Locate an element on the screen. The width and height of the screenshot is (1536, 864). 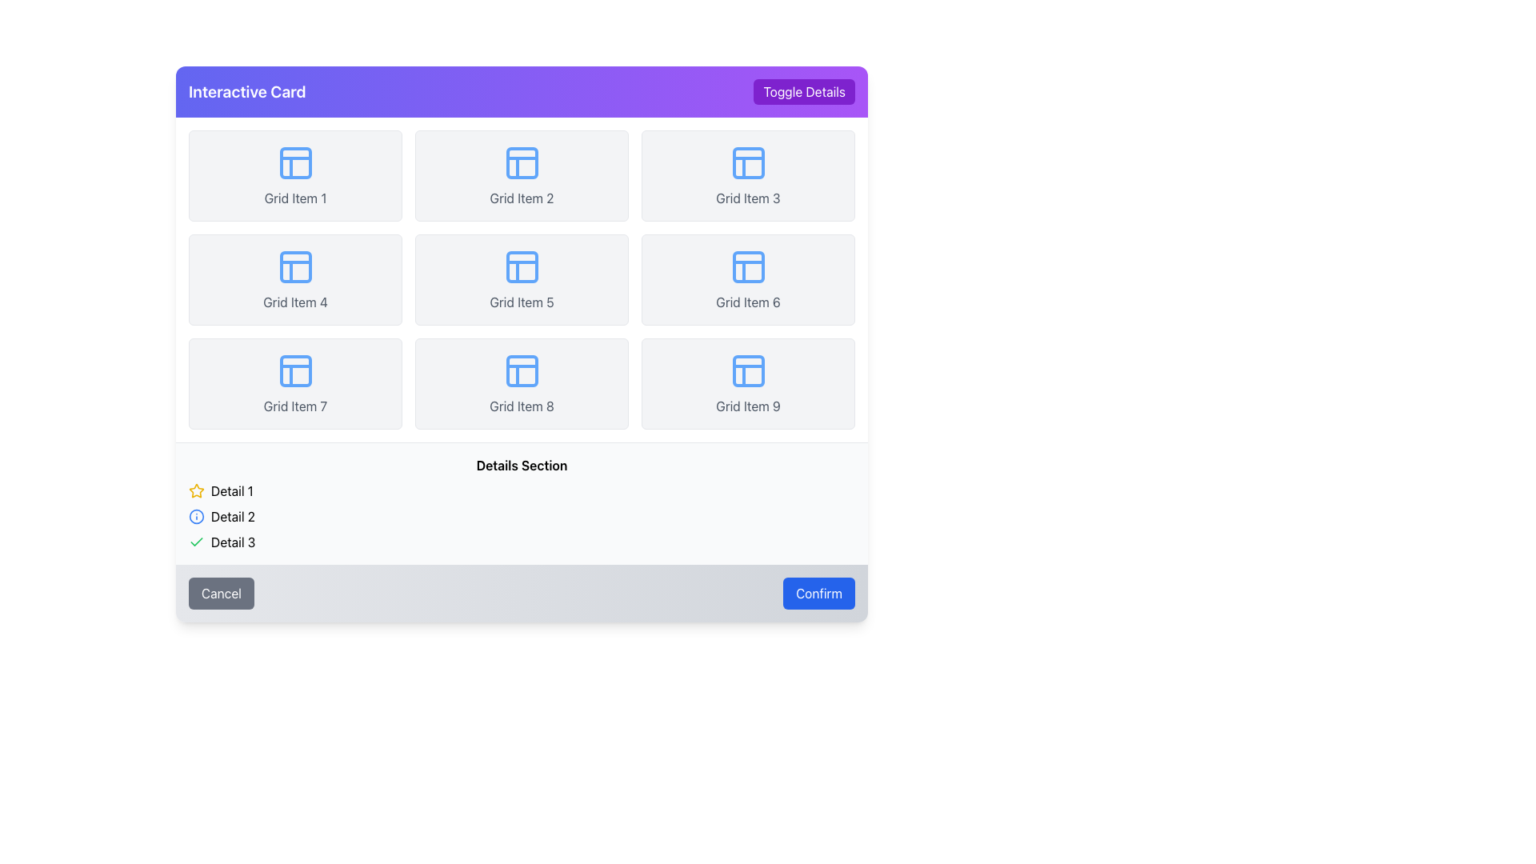
SVG properties of the graphical element located in the top-left corner of the fourth grid cell in a 3x3 layout, which is centered within the interface is located at coordinates (295, 266).